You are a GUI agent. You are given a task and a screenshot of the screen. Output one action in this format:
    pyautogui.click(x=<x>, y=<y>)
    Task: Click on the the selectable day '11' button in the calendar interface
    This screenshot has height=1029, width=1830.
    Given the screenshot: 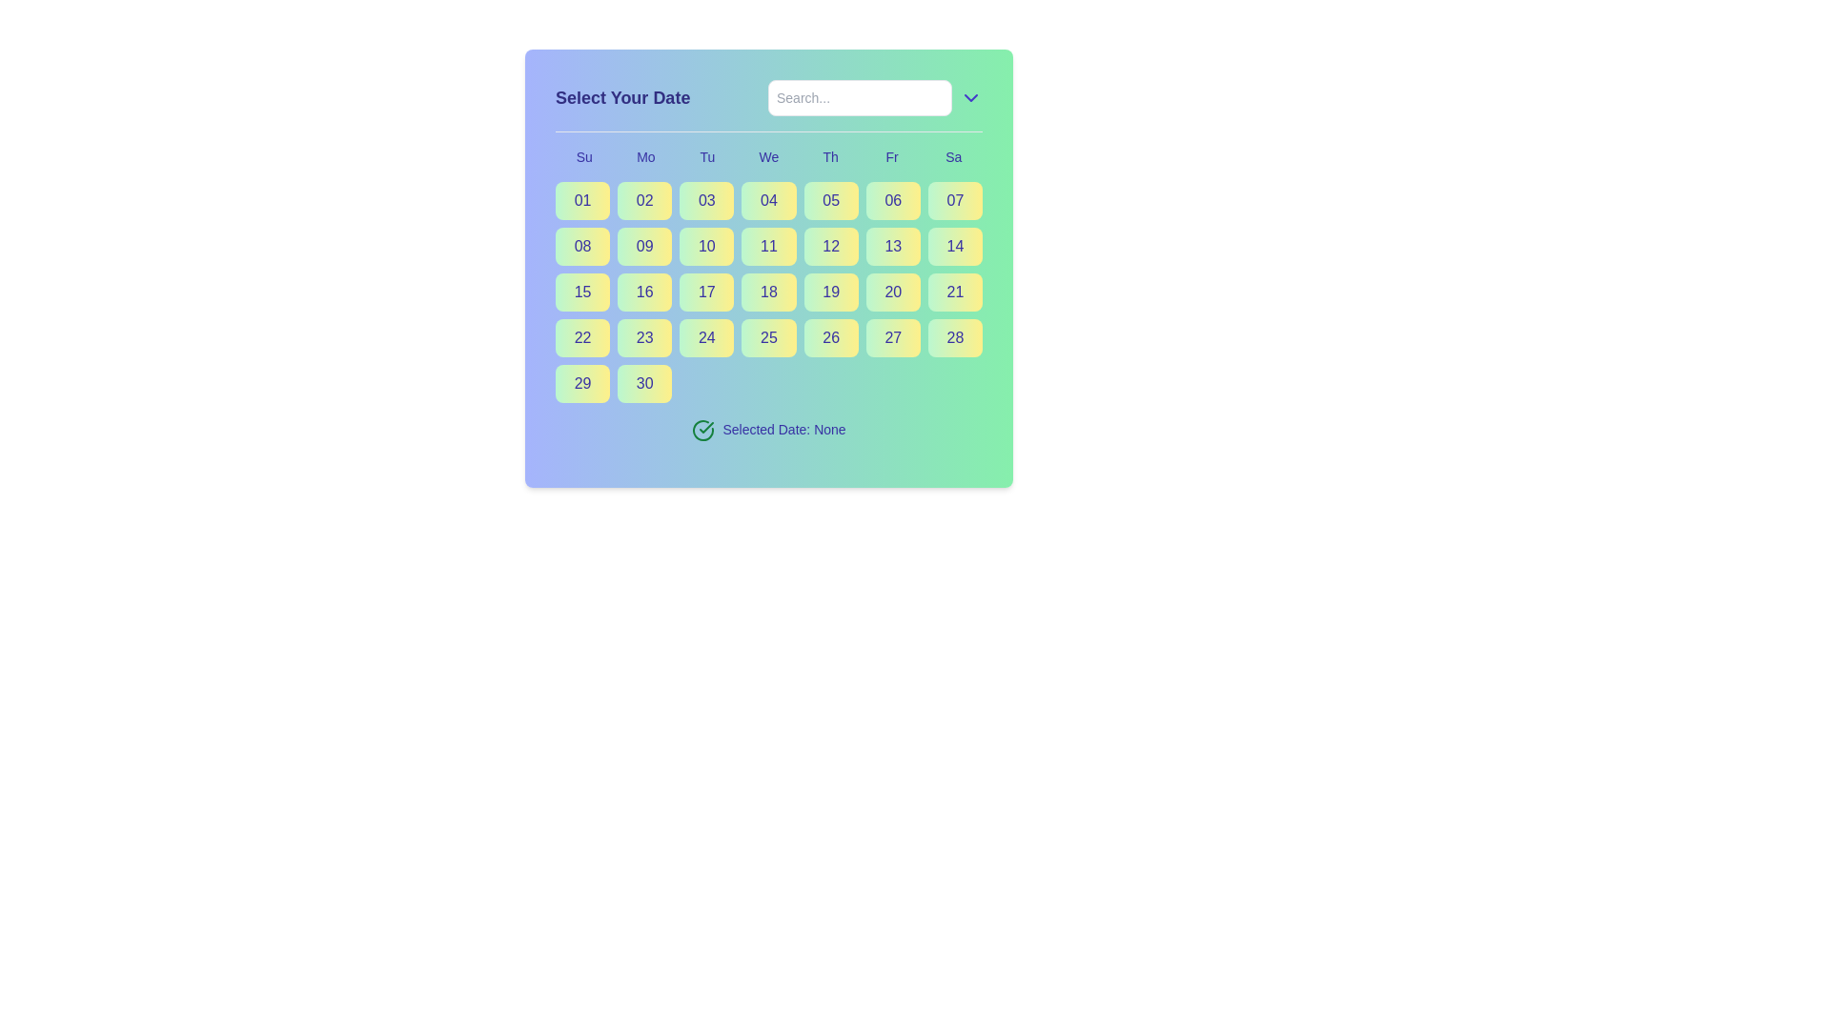 What is the action you would take?
    pyautogui.click(x=768, y=245)
    